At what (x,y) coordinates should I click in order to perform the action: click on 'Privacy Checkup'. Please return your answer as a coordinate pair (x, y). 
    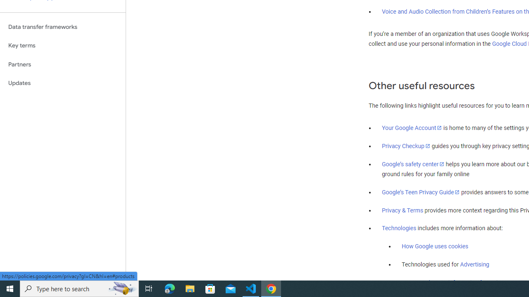
    Looking at the image, I should click on (406, 145).